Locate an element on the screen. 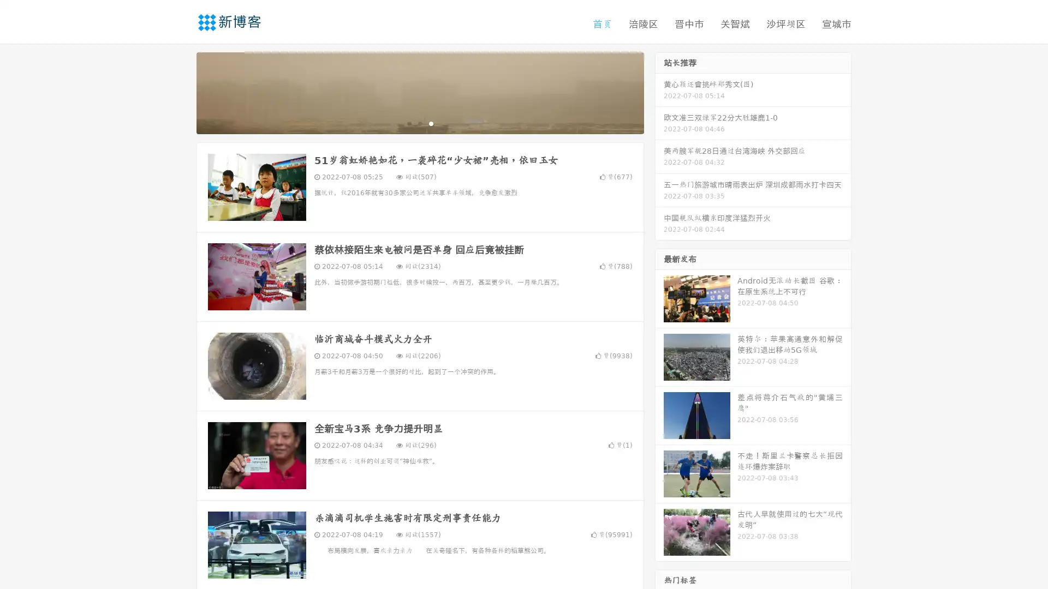 The height and width of the screenshot is (589, 1048). Go to slide 1 is located at coordinates (408, 123).